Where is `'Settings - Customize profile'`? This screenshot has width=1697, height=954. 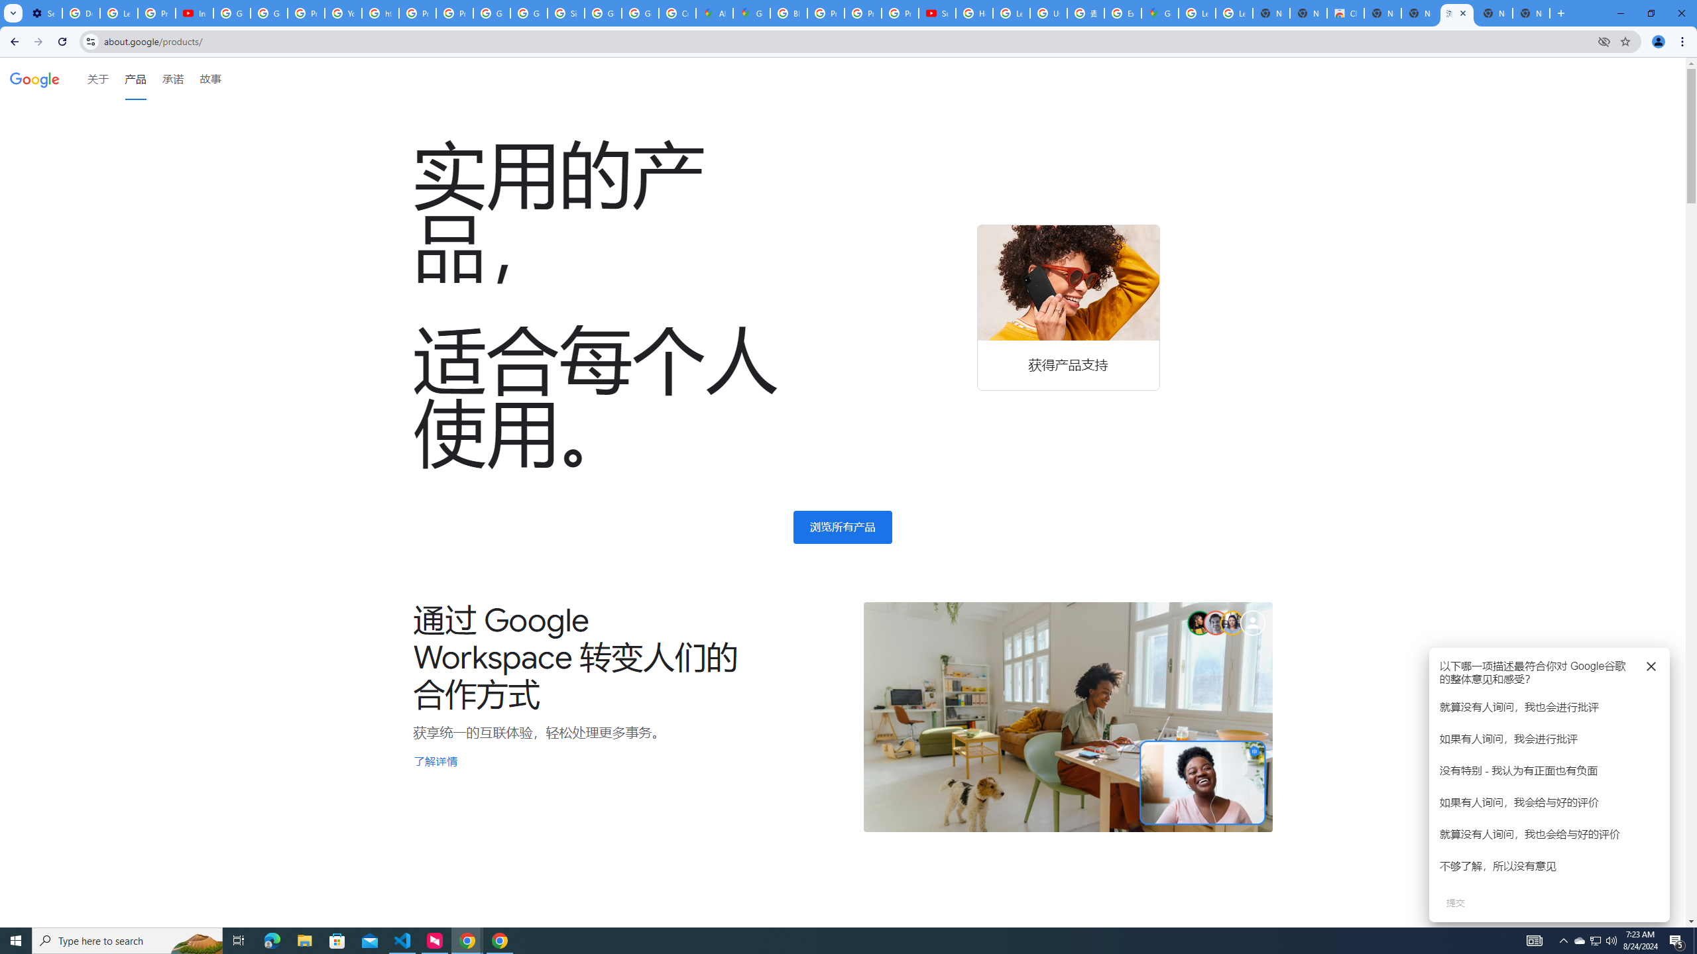
'Settings - Customize profile' is located at coordinates (43, 13).